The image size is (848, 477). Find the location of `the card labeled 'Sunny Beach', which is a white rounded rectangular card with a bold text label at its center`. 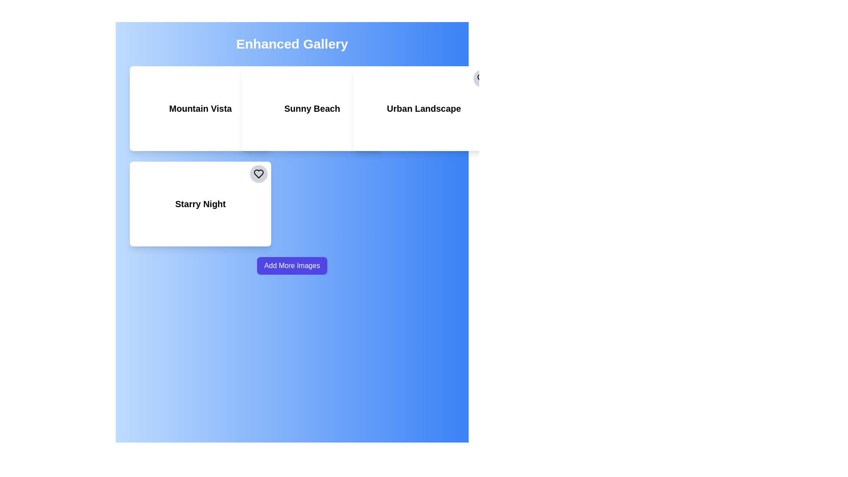

the card labeled 'Sunny Beach', which is a white rounded rectangular card with a bold text label at its center is located at coordinates (312, 108).